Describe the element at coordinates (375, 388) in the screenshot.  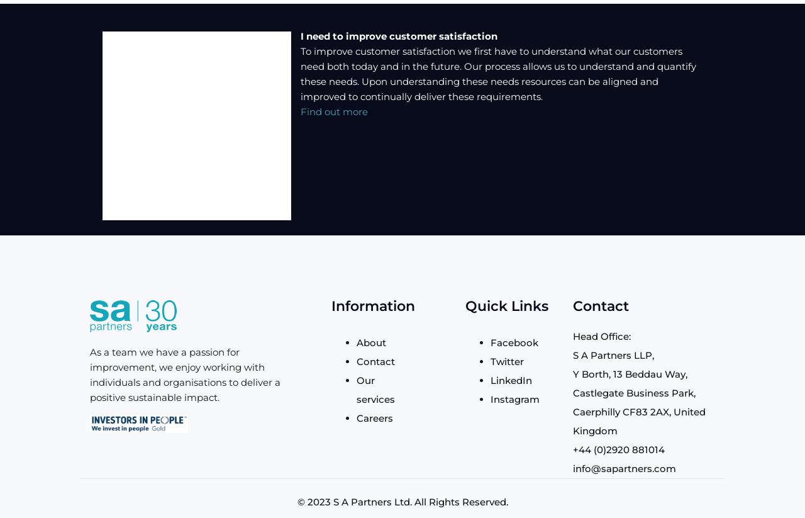
I see `'Our services'` at that location.